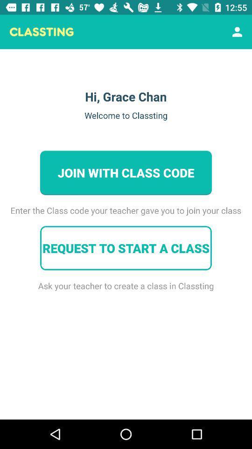  I want to click on the item above ask your teacher item, so click(126, 247).